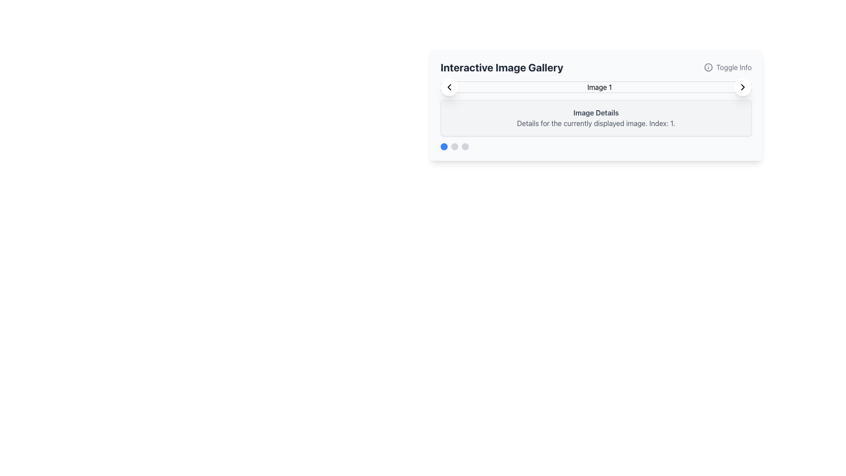  I want to click on the Chevron left icon located near the top-left corner of the interface, so click(449, 87).